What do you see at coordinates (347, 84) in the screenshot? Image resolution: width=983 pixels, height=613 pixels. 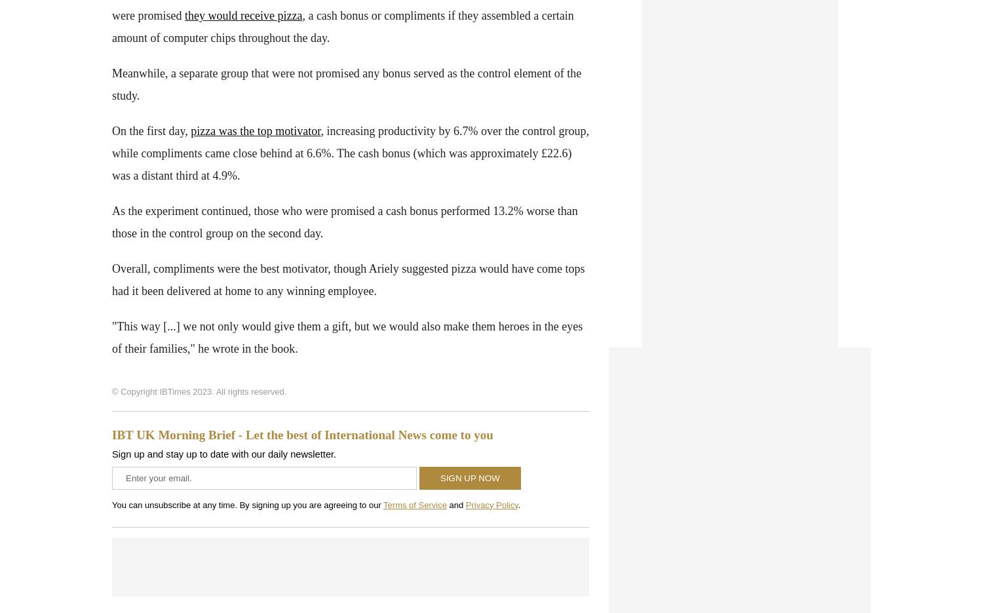 I see `'were not promised any bonus served as the control element of the study.'` at bounding box center [347, 84].